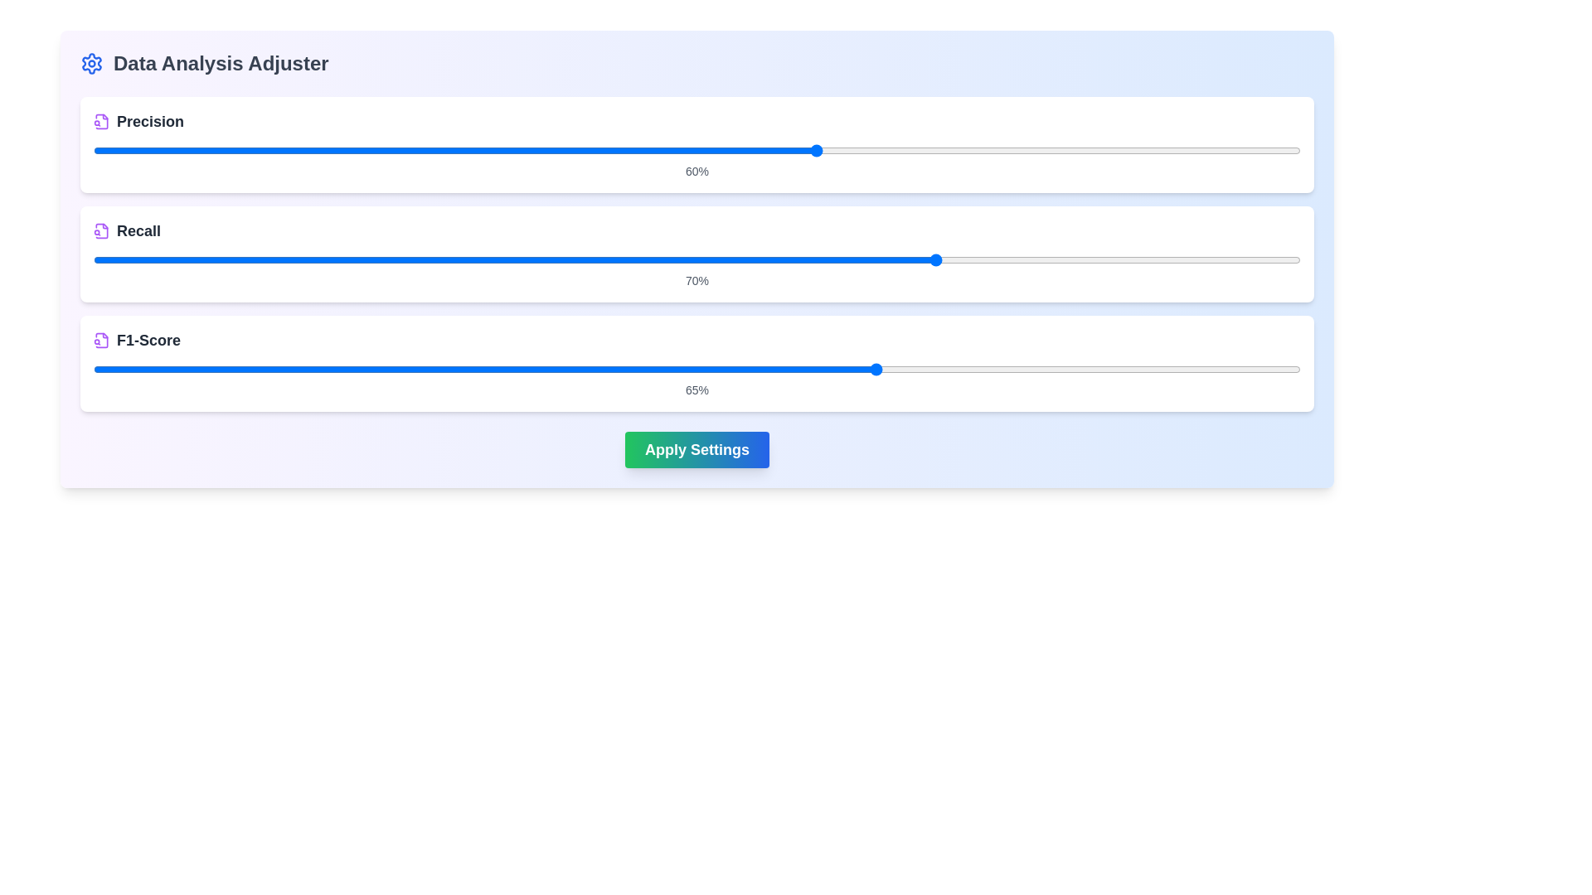 The width and height of the screenshot is (1592, 895). I want to click on the 1 slider to 97%, so click(1282, 259).